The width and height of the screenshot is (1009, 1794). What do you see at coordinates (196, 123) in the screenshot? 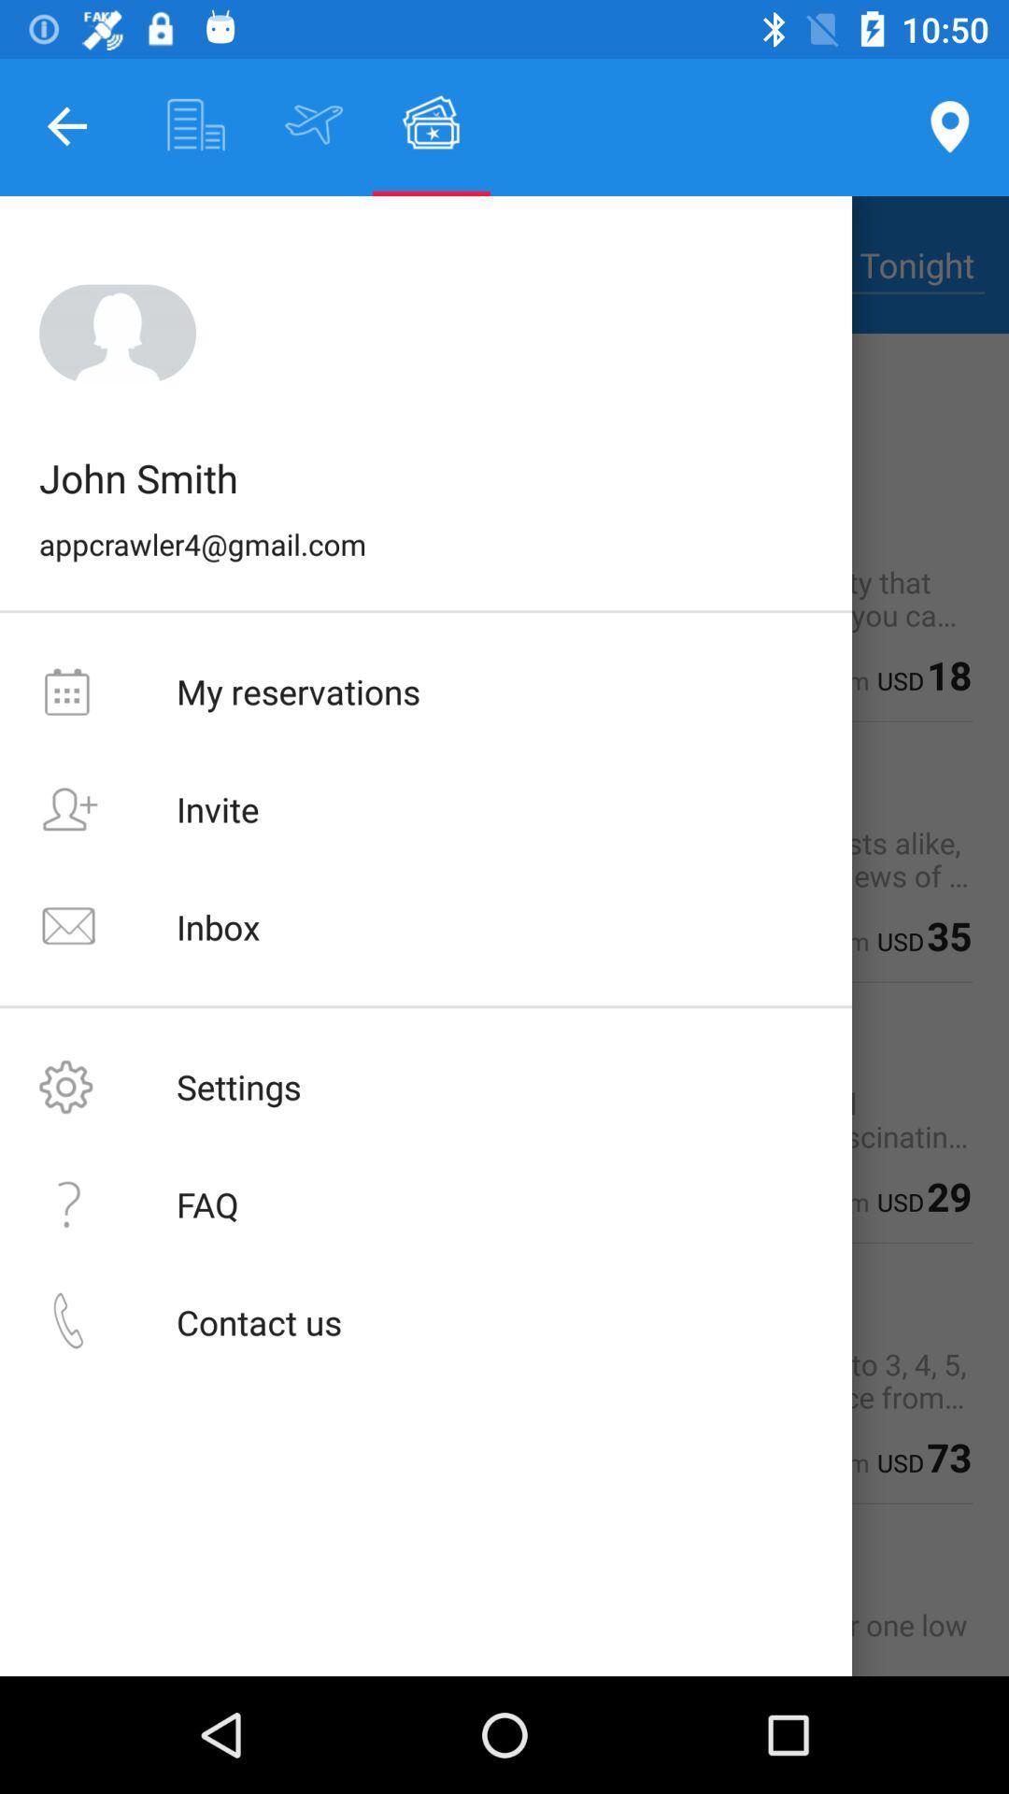
I see `the icon on the right next to button which is on top left corner of the web page` at bounding box center [196, 123].